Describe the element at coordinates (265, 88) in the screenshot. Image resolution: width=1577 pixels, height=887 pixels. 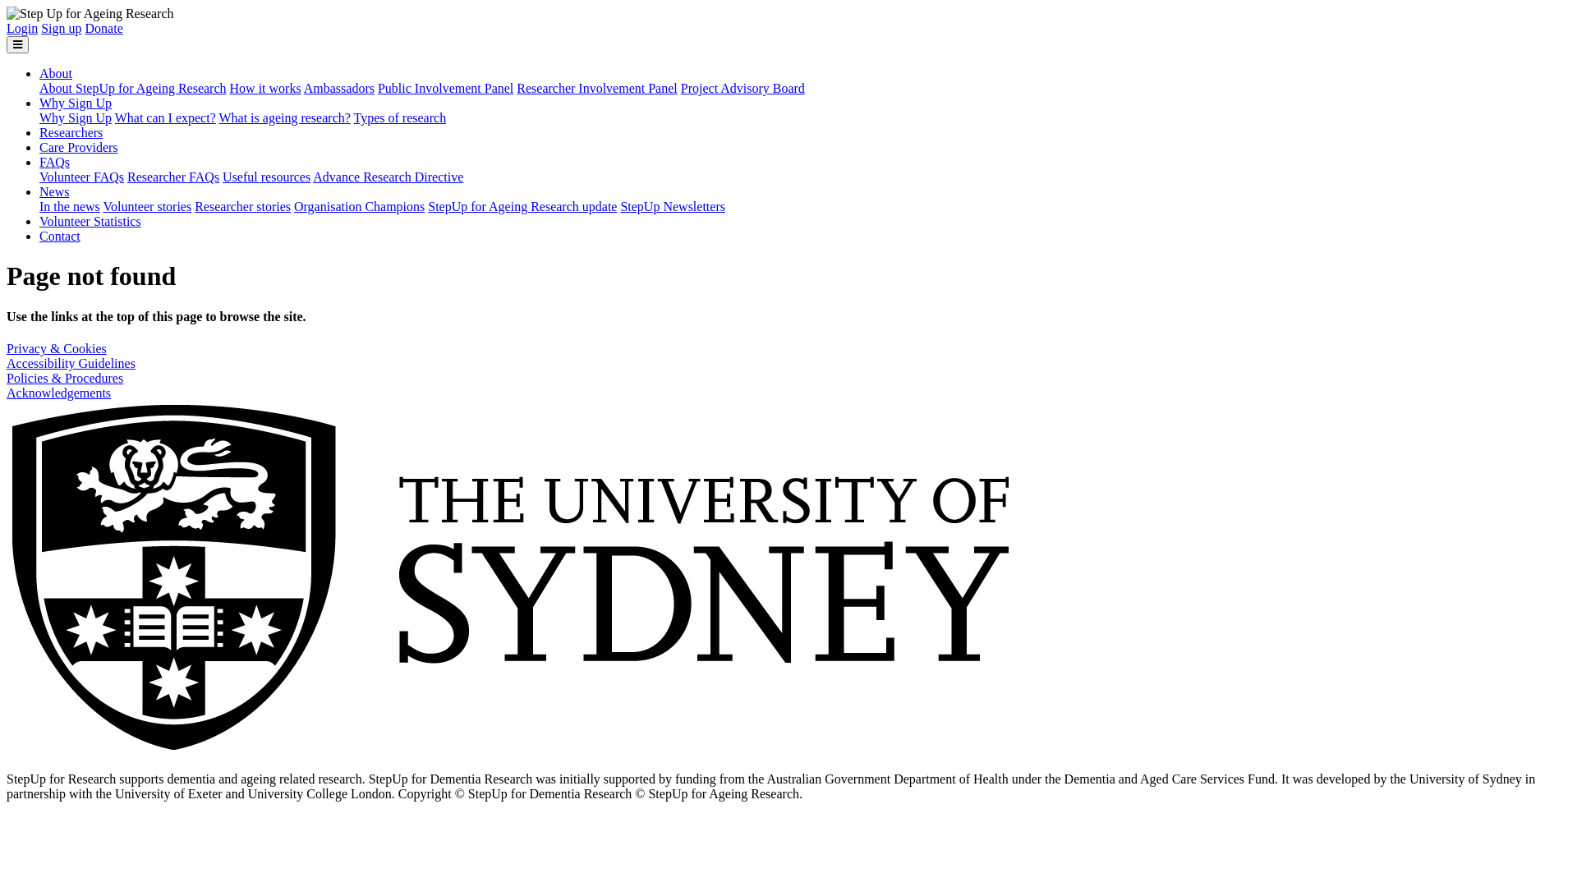
I see `'How it works'` at that location.